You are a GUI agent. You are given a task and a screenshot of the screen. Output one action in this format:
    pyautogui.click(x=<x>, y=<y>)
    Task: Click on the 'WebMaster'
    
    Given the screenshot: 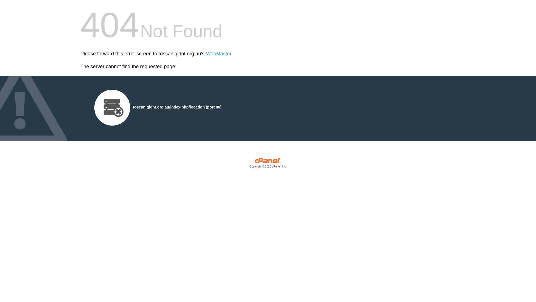 What is the action you would take?
    pyautogui.click(x=218, y=54)
    